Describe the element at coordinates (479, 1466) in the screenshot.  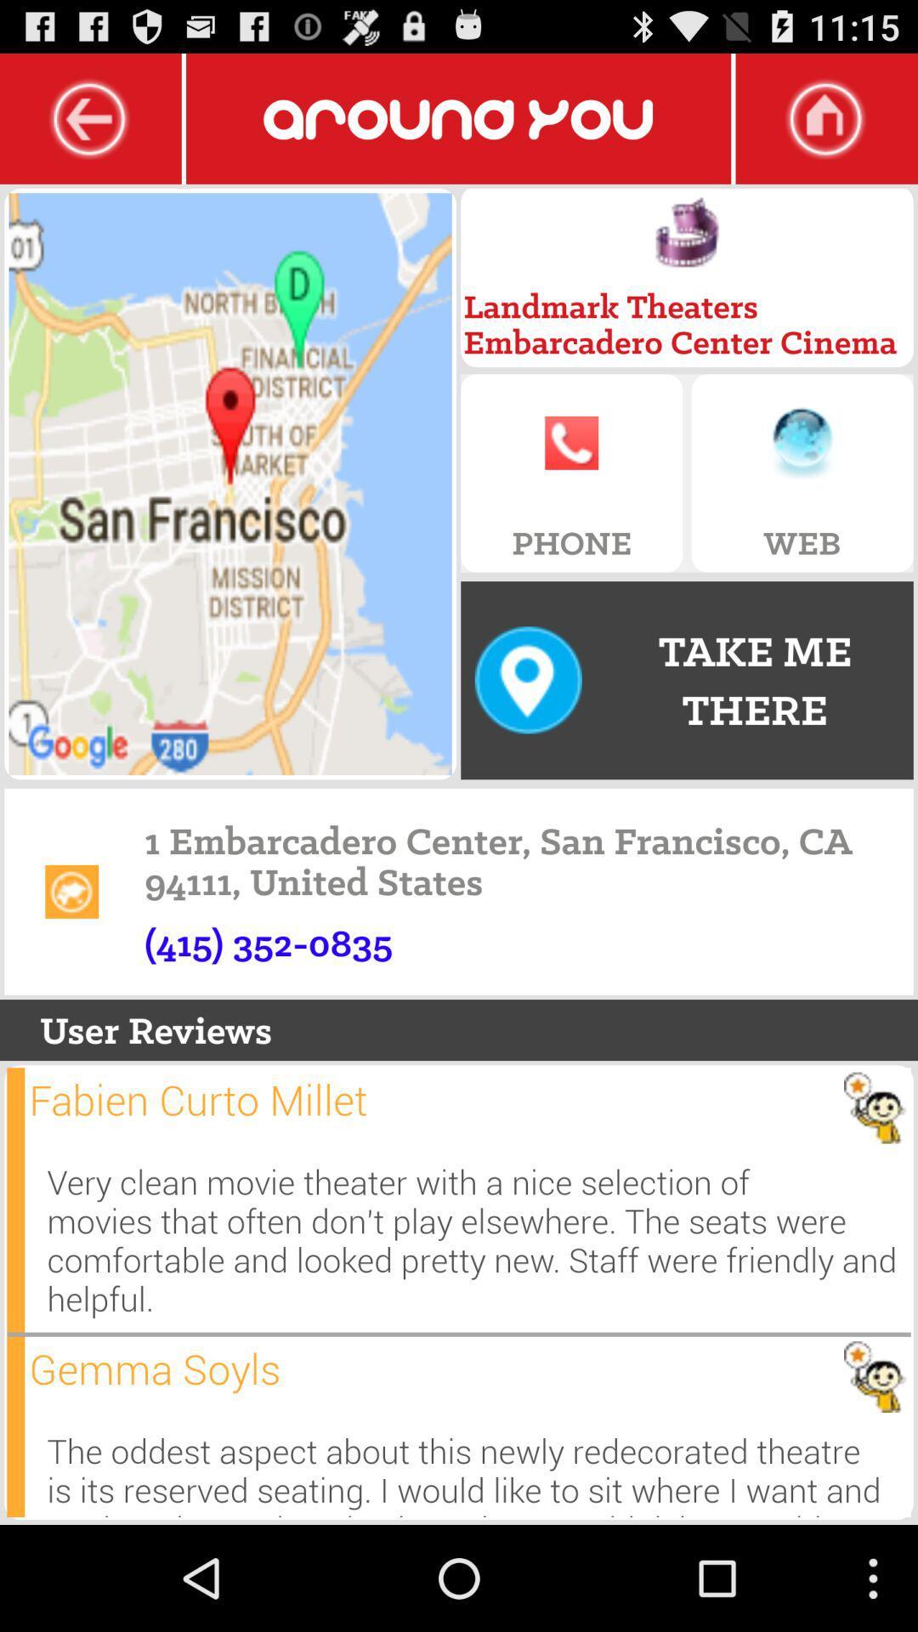
I see `the oddest aspect` at that location.